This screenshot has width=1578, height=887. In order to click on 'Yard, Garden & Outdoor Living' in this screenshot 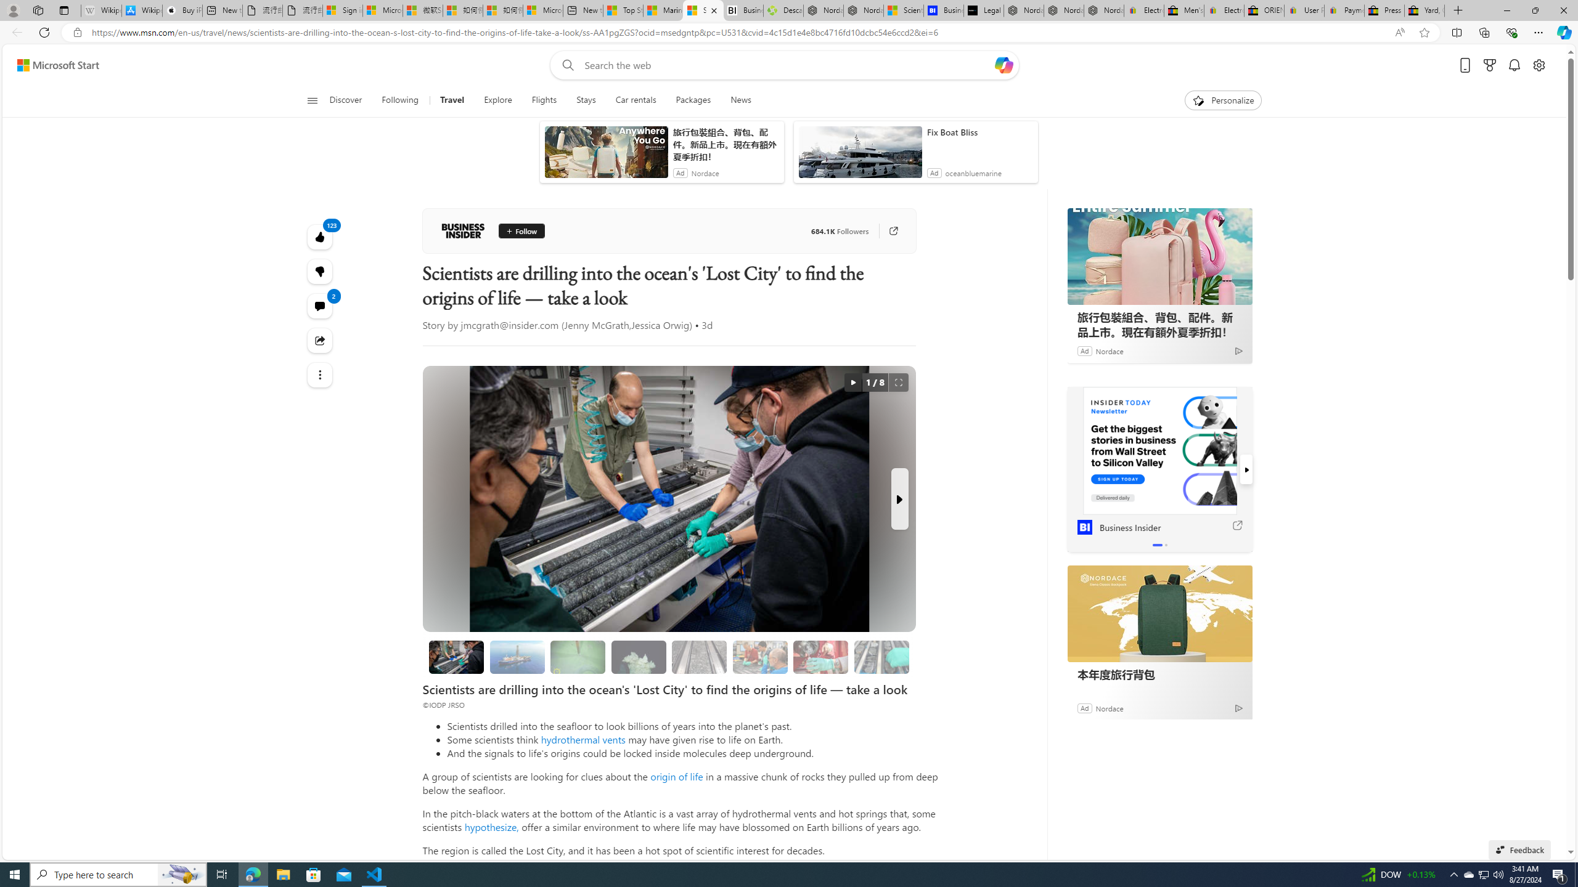, I will do `click(1425, 10)`.